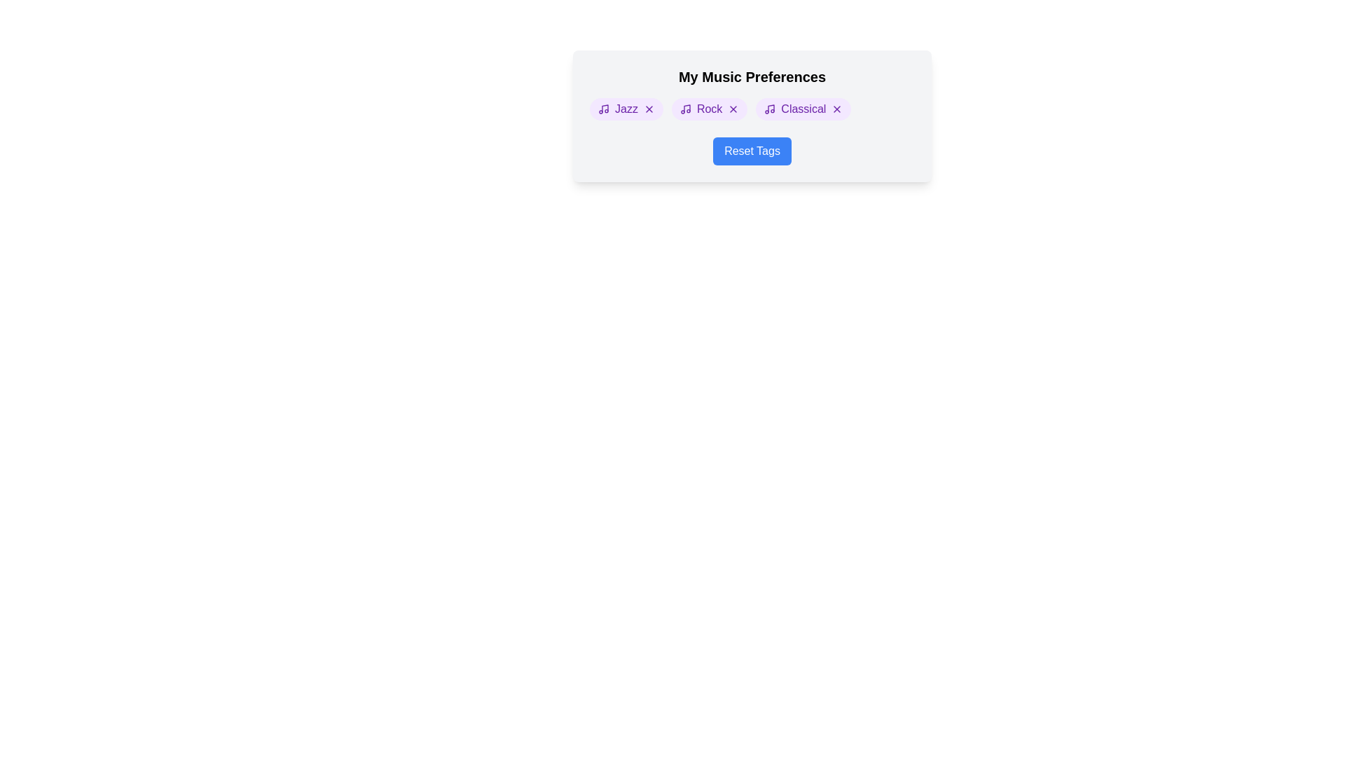 The width and height of the screenshot is (1345, 757). Describe the element at coordinates (752, 151) in the screenshot. I see `'Reset Tags' button to restore all tags` at that location.